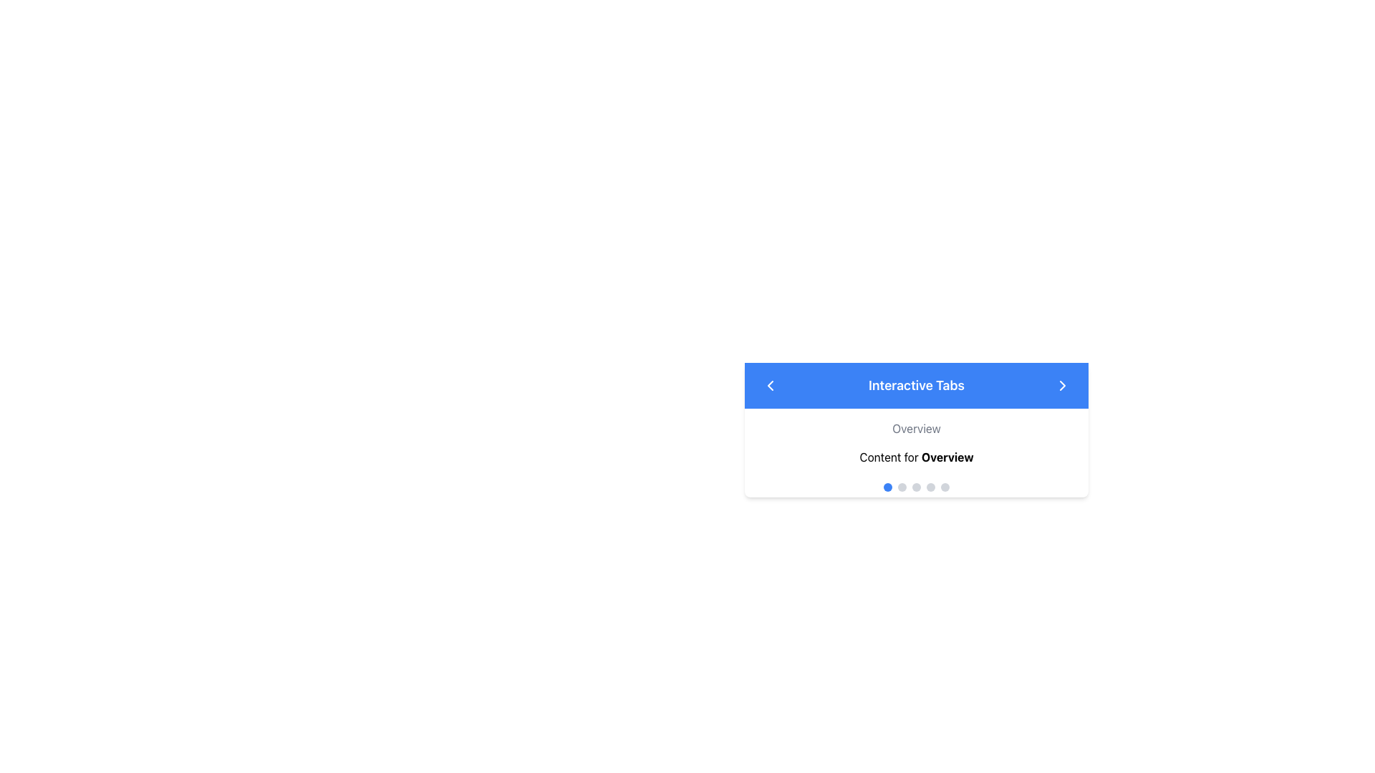 The height and width of the screenshot is (773, 1375). Describe the element at coordinates (931, 487) in the screenshot. I see `the fourth circular indicator styled with a light gray color, located underneath the text 'Content for Overview'` at that location.